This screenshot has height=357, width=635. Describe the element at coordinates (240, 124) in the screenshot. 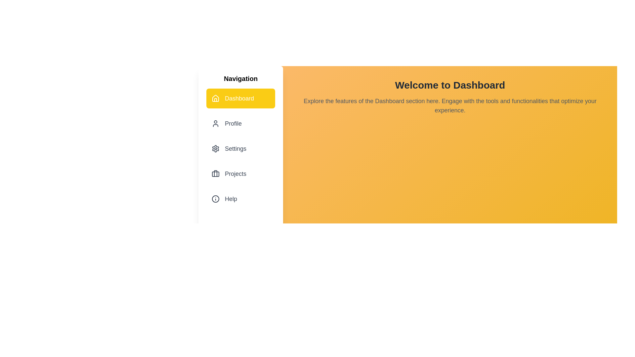

I see `the menu item corresponding to Profile` at that location.